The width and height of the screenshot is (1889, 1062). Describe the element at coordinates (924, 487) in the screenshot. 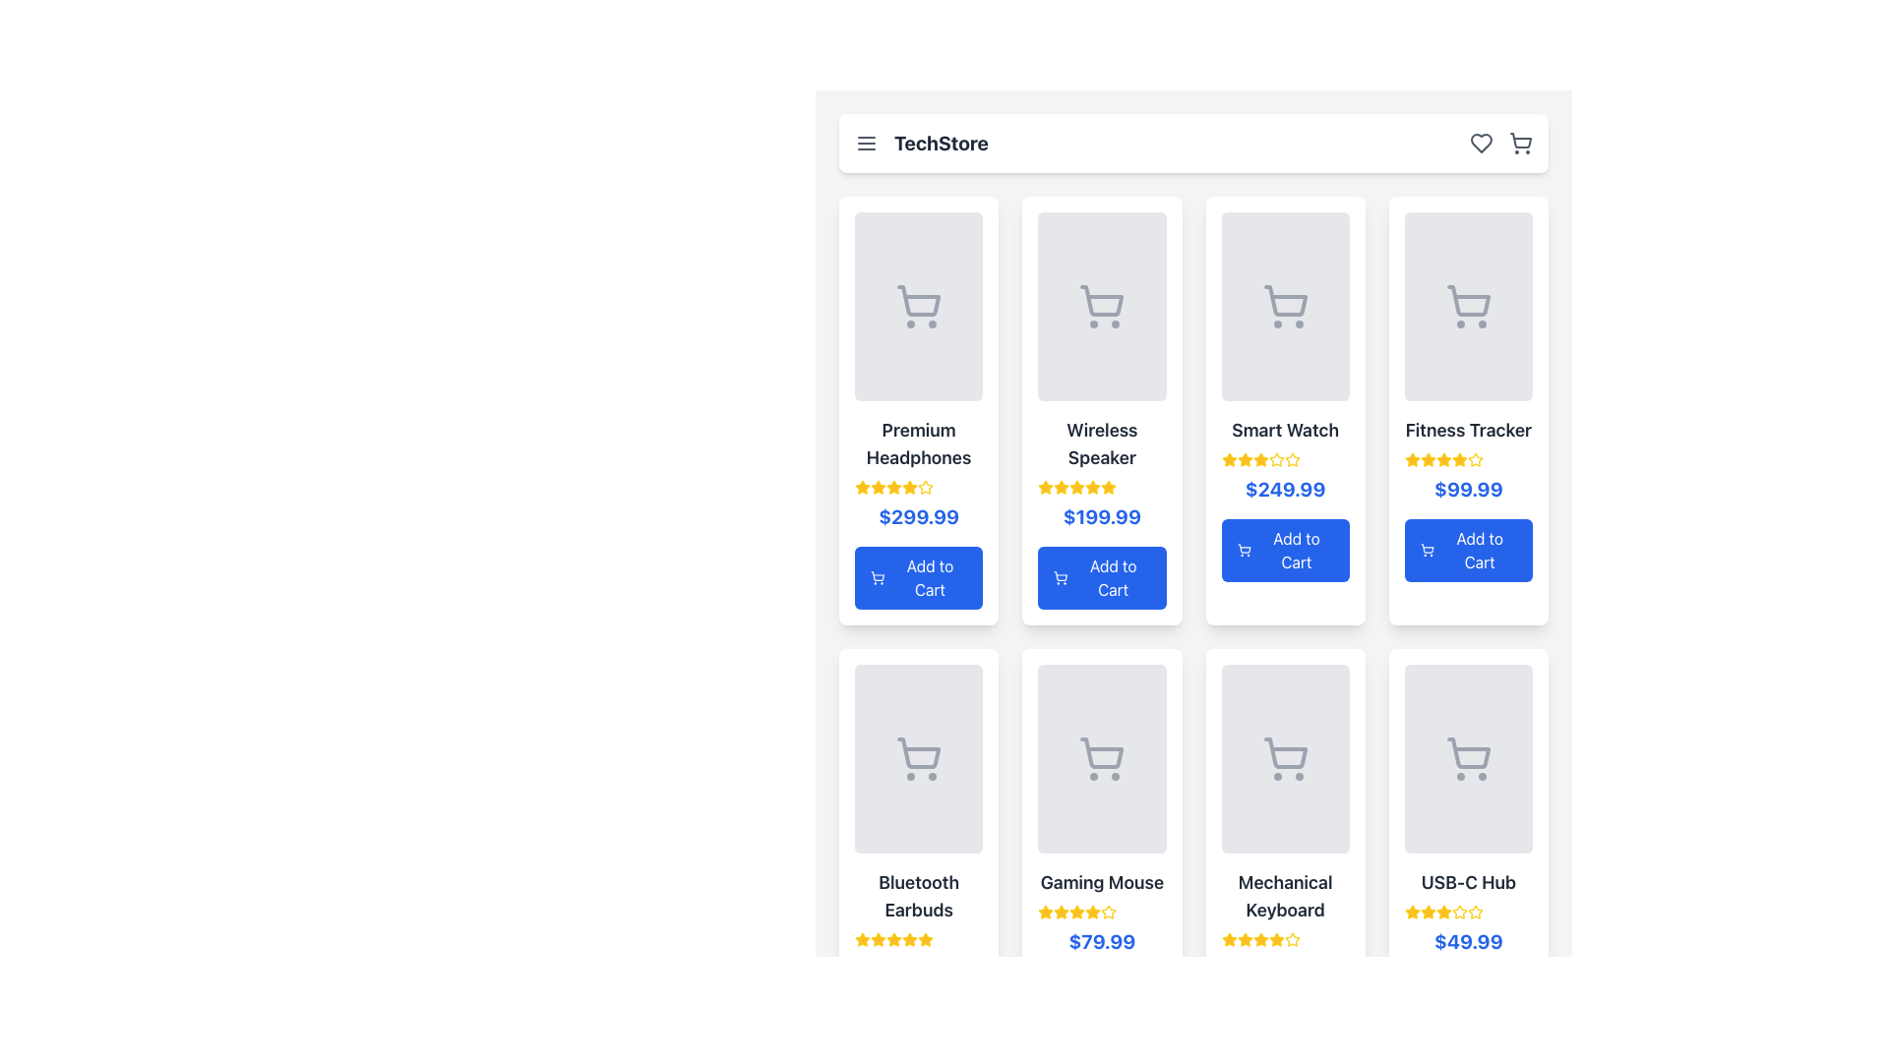

I see `the fifth star-shaped rating icon outlined in yellow, located below the 'Premium Headphones' title and above the product price` at that location.